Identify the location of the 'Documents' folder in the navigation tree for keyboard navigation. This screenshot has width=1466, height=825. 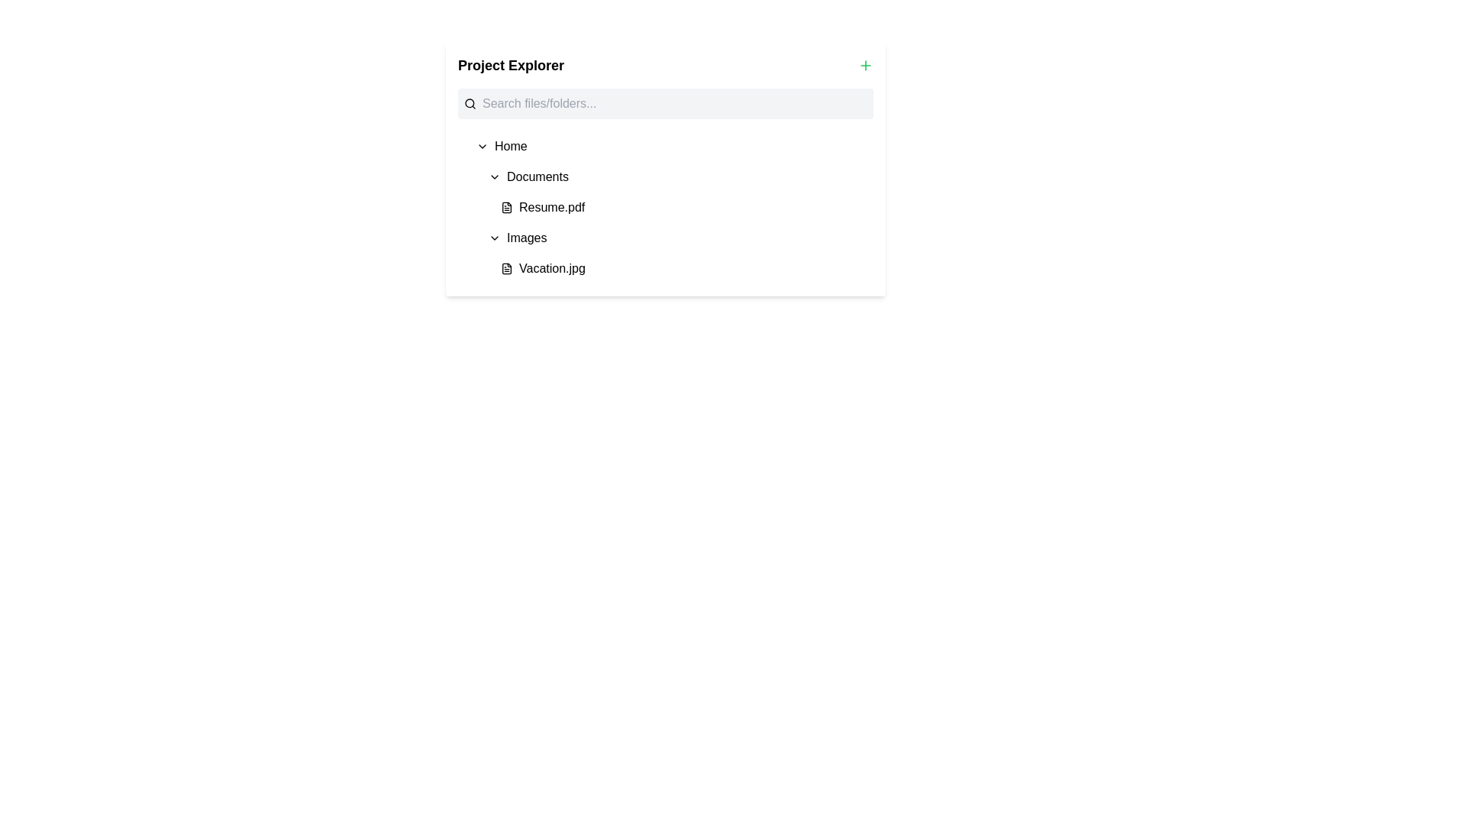
(677, 176).